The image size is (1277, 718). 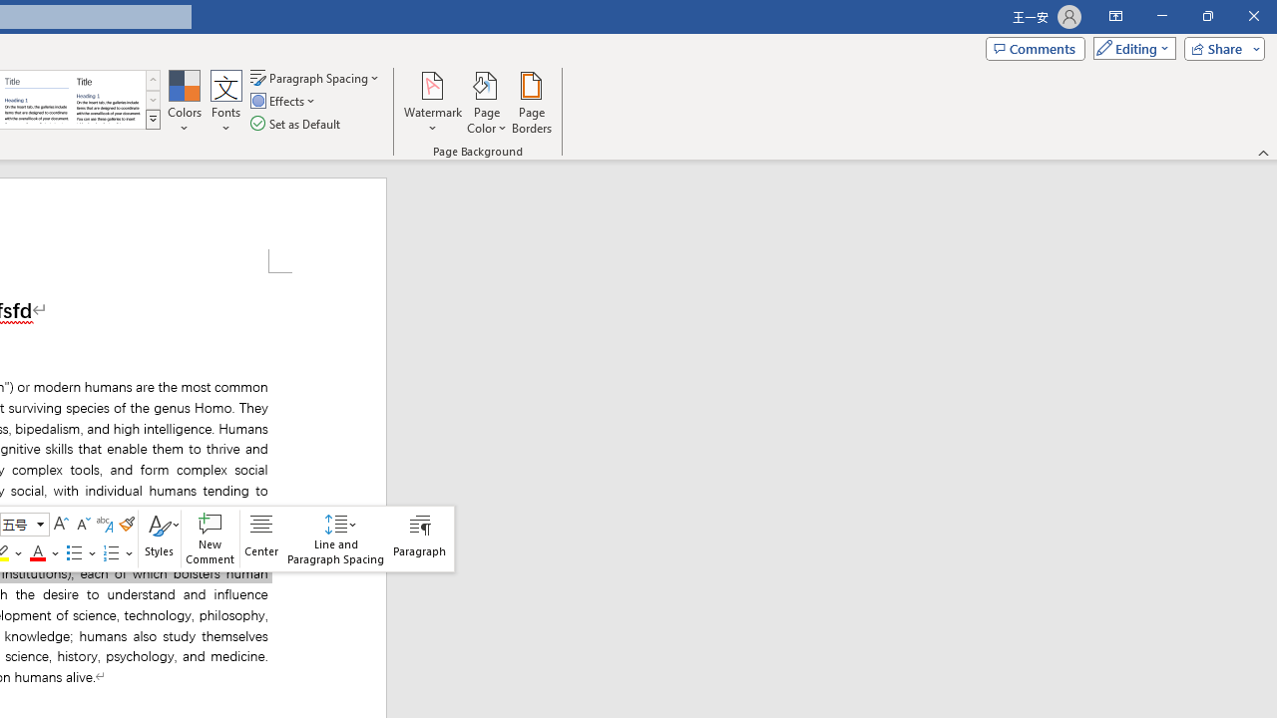 I want to click on 'Page Borders...', so click(x=532, y=103).